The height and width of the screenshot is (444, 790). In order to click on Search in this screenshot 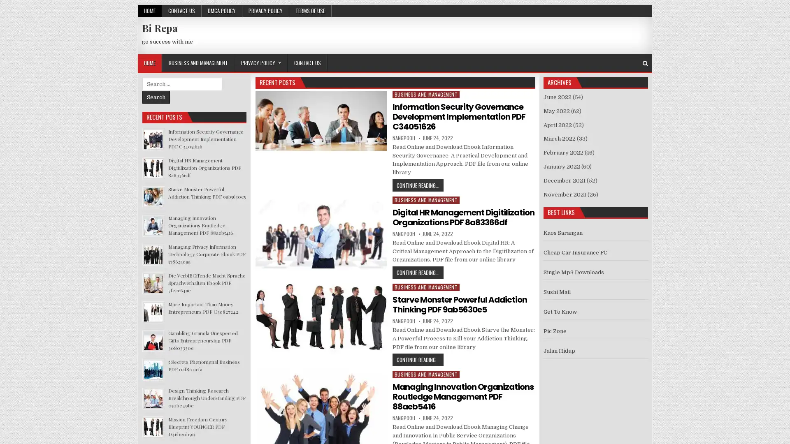, I will do `click(156, 97)`.